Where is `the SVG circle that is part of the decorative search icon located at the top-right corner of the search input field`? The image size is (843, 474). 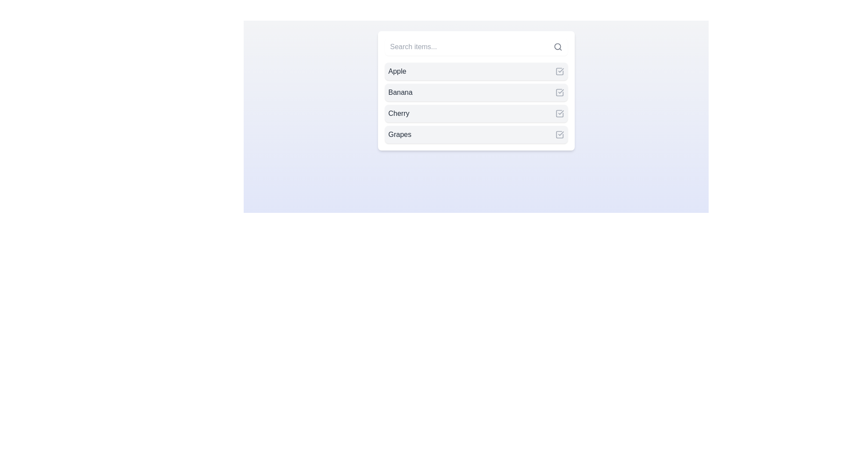 the SVG circle that is part of the decorative search icon located at the top-right corner of the search input field is located at coordinates (557, 47).